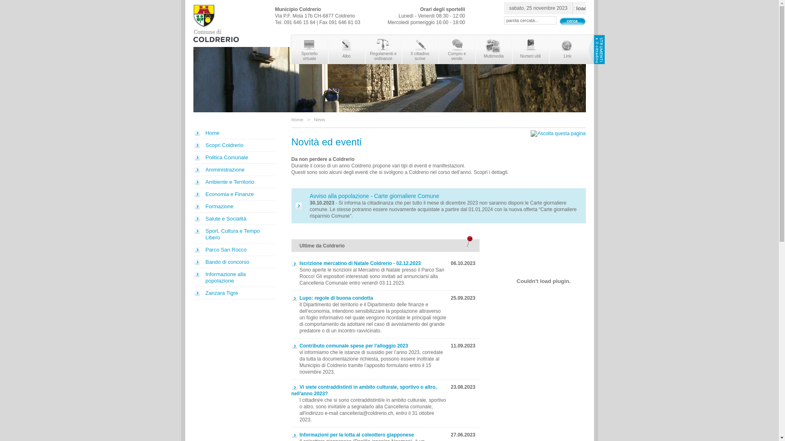 The height and width of the screenshot is (441, 785). Describe the element at coordinates (233, 157) in the screenshot. I see `'Politica Comunale'` at that location.